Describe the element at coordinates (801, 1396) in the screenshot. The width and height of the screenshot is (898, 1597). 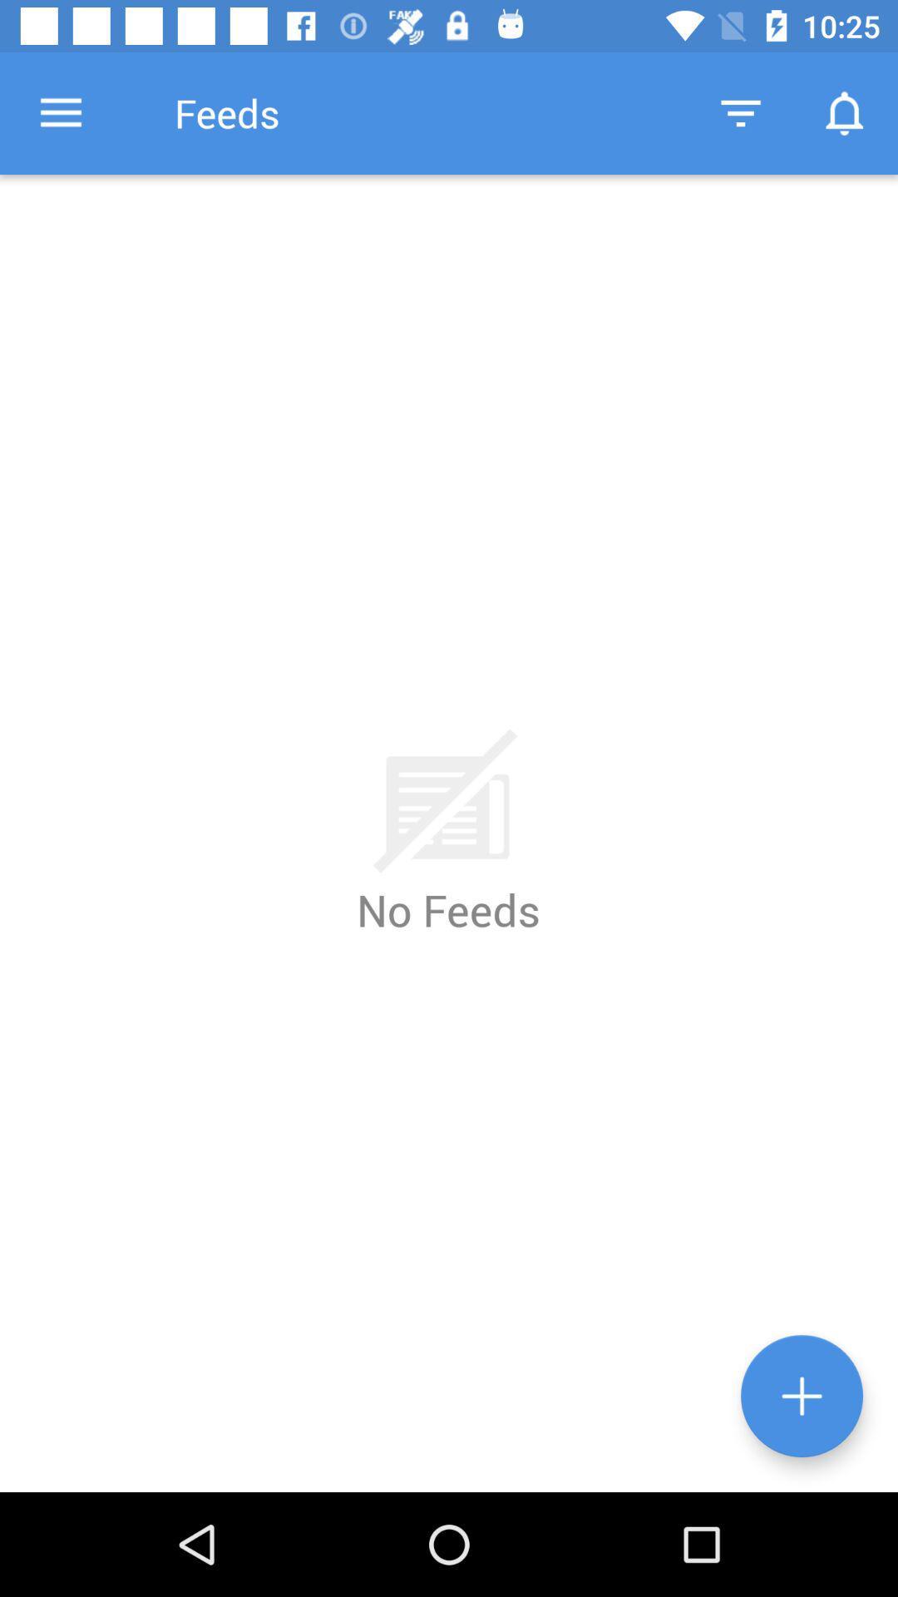
I see `the add icon` at that location.